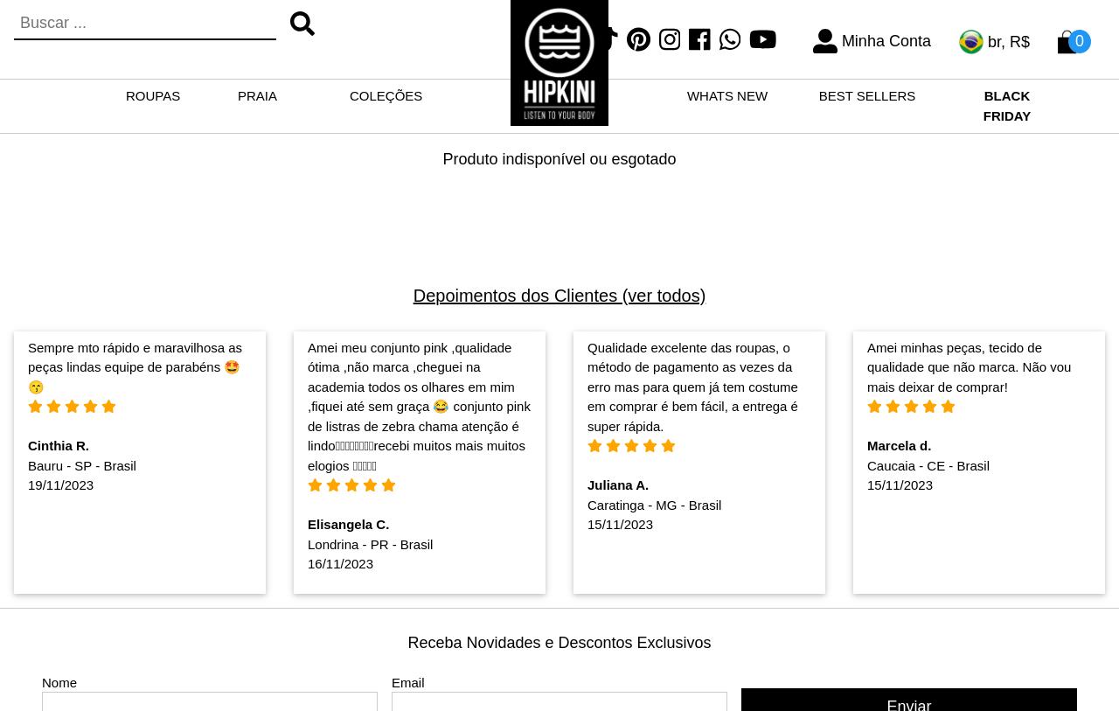  Describe the element at coordinates (653, 504) in the screenshot. I see `'Caratinga - MG - Brasil'` at that location.